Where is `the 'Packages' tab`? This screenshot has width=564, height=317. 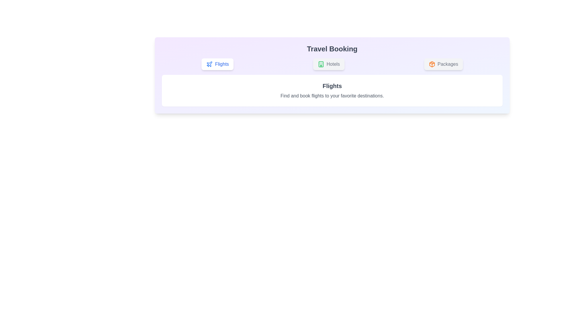 the 'Packages' tab is located at coordinates (443, 64).